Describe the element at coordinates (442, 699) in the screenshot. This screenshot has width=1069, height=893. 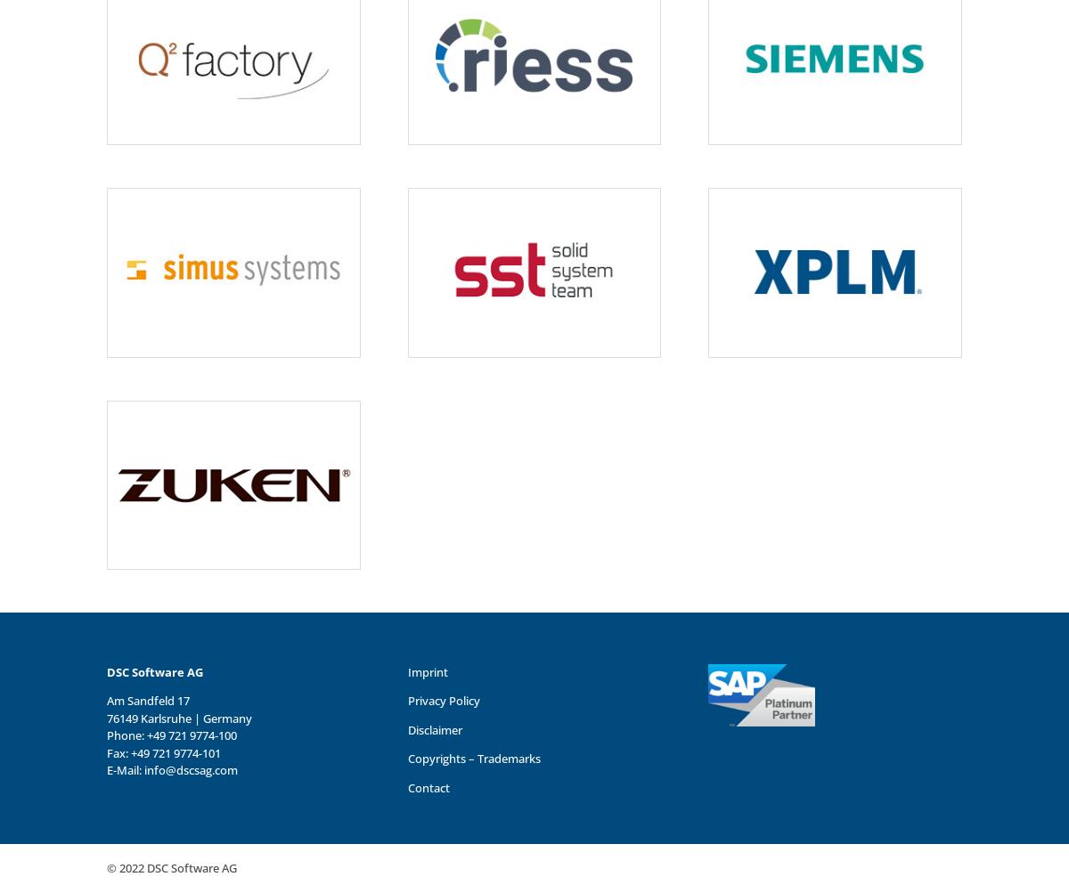
I see `'Privacy Policy'` at that location.